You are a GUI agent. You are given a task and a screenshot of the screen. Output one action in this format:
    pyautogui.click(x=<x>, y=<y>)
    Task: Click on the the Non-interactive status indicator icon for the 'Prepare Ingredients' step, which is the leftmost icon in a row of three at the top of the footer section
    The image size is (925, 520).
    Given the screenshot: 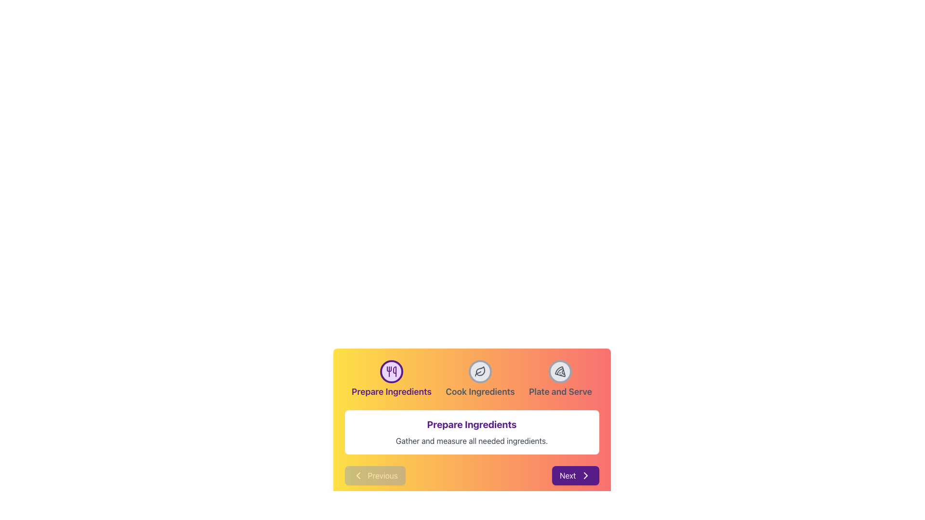 What is the action you would take?
    pyautogui.click(x=392, y=371)
    